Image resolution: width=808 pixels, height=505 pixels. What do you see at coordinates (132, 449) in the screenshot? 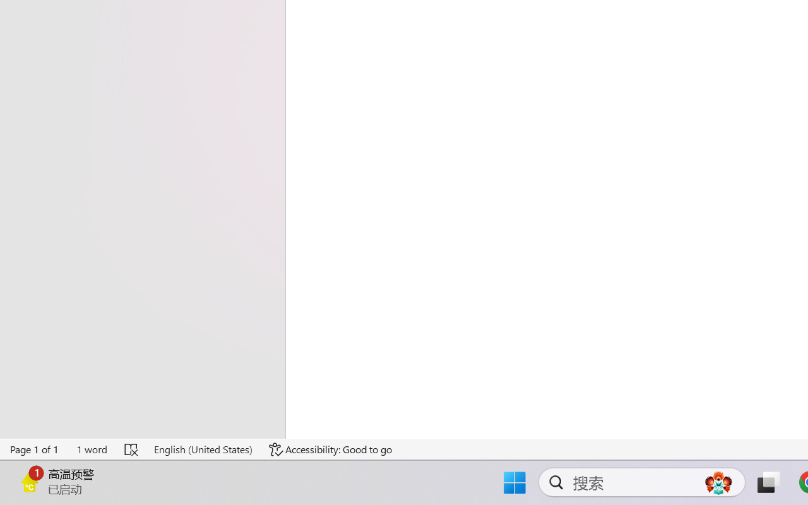
I see `'Spelling and Grammar Check Errors'` at bounding box center [132, 449].